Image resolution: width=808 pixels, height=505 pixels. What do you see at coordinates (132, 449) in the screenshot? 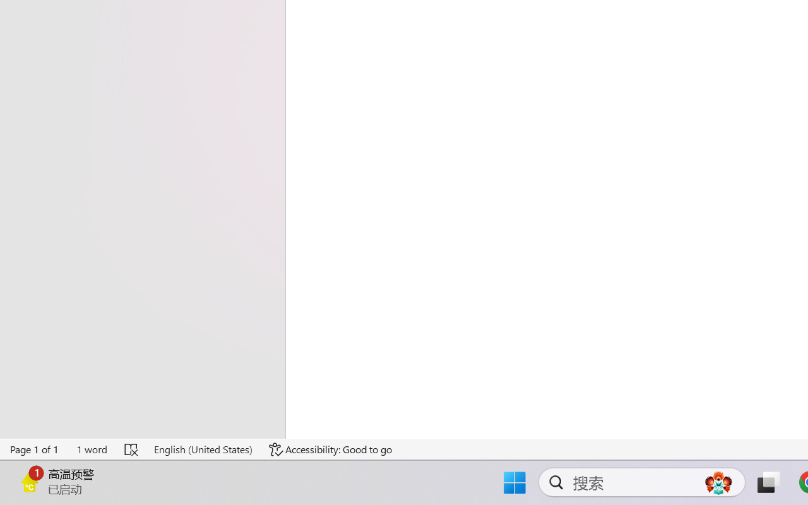
I see `'Spelling and Grammar Check Errors'` at bounding box center [132, 449].